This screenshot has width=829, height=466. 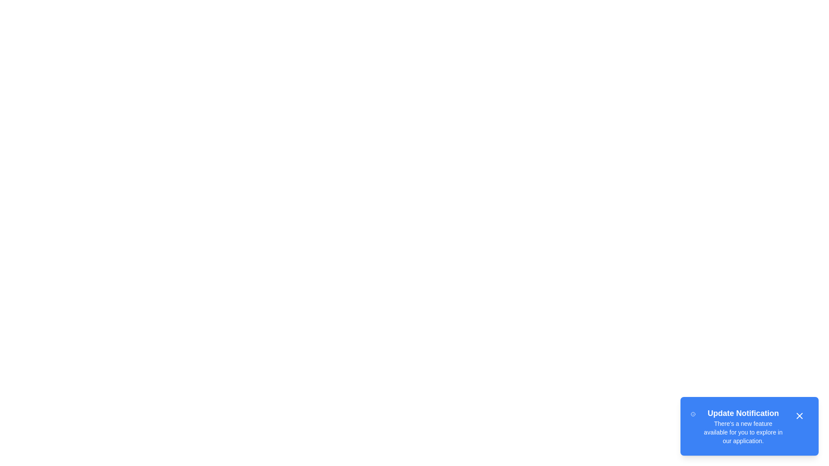 I want to click on the 'Info' icon in the snackbar to trigger additional functionality, so click(x=693, y=414).